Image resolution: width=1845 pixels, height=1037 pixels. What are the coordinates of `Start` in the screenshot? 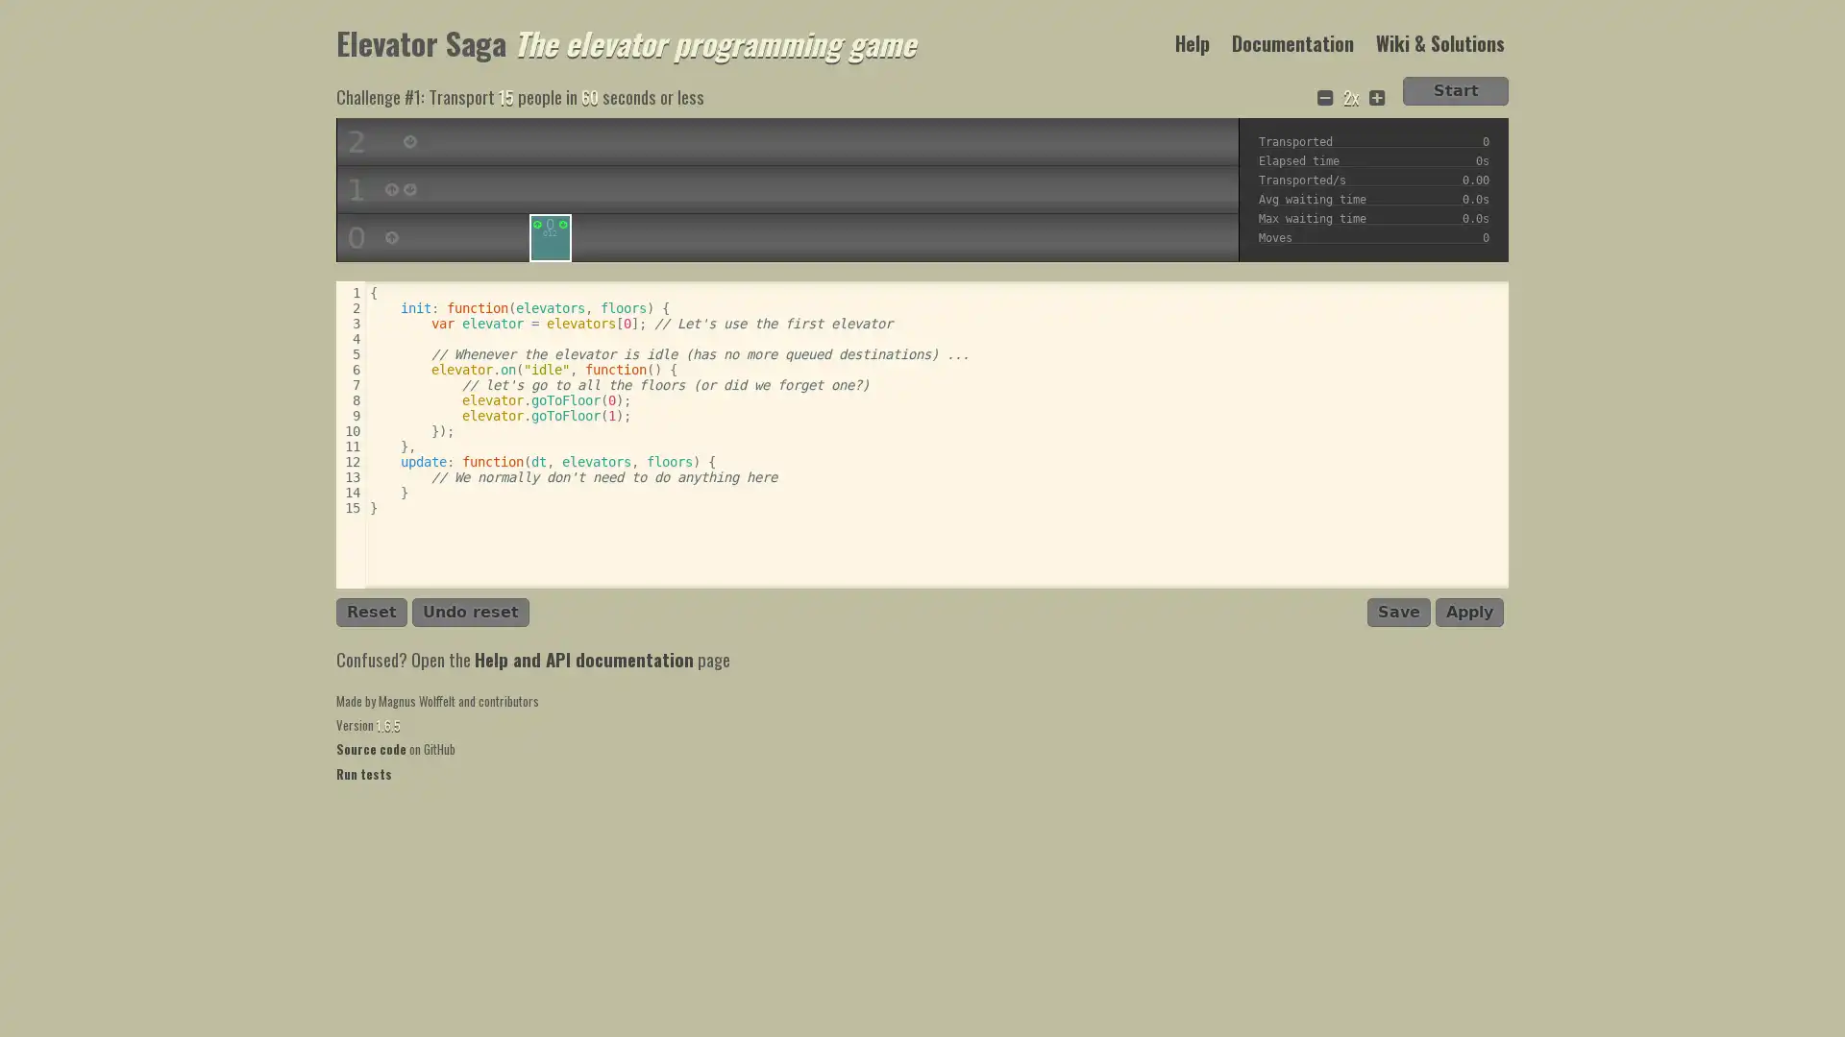 It's located at (1456, 91).